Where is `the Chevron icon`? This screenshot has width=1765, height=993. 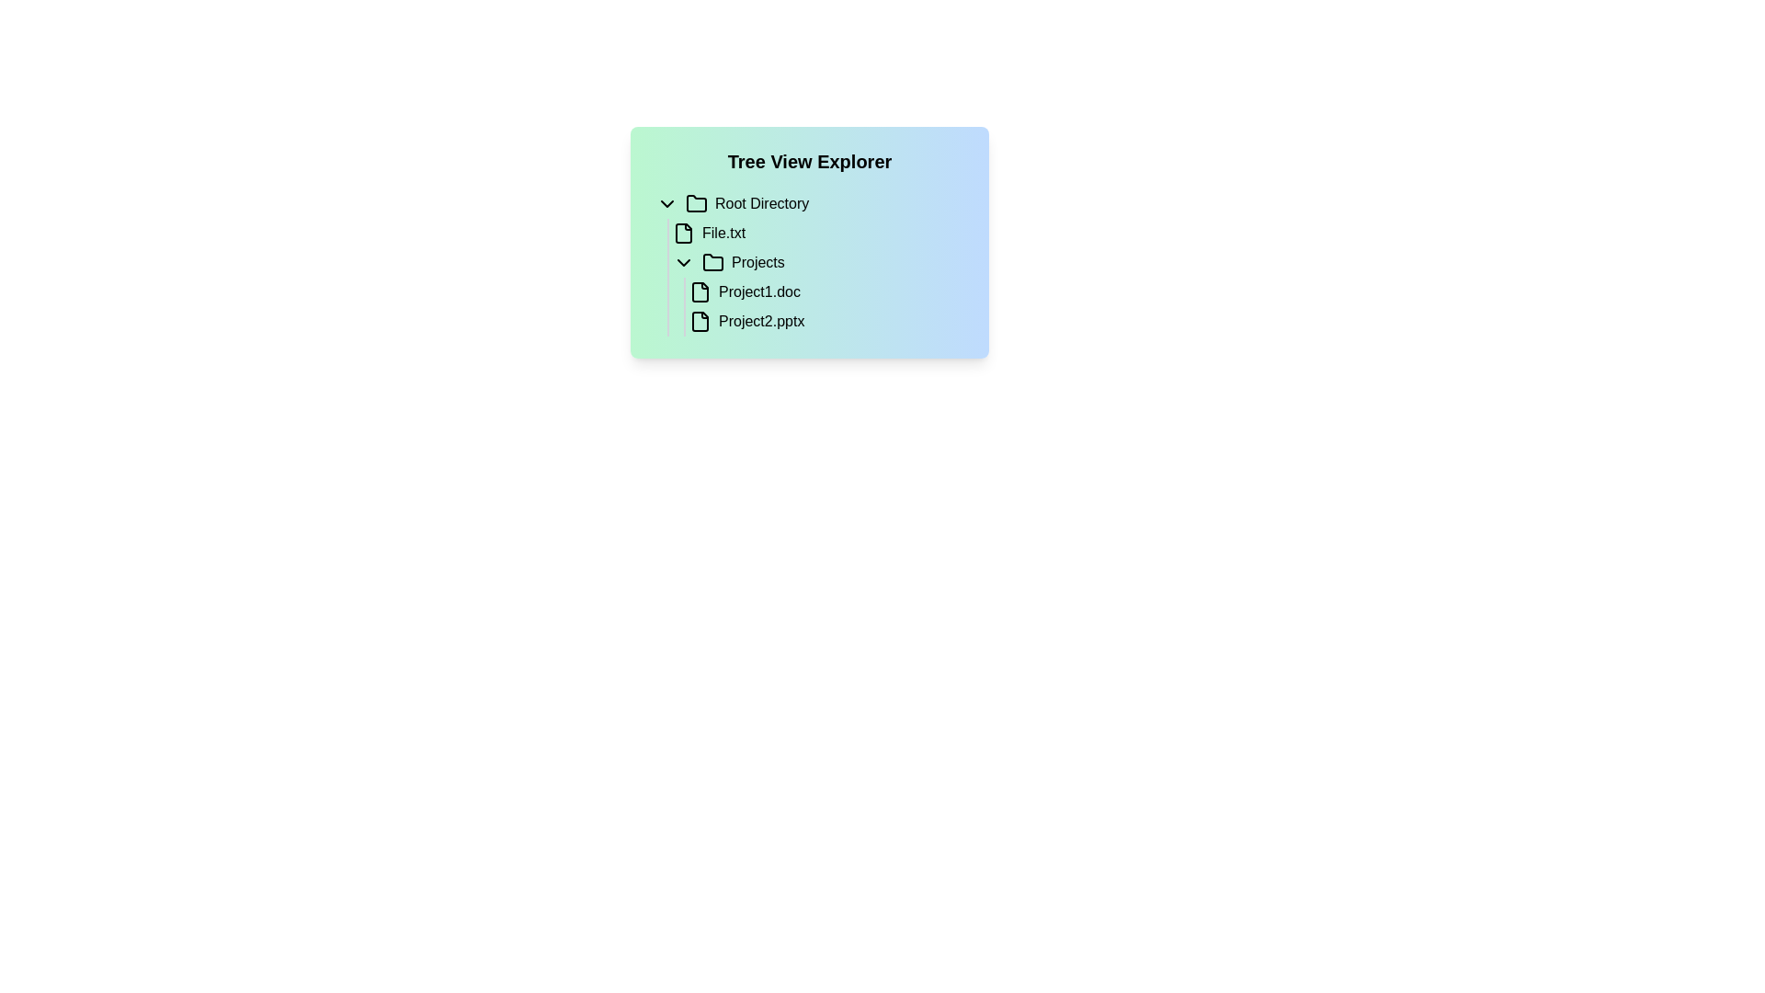
the Chevron icon is located at coordinates (666, 204).